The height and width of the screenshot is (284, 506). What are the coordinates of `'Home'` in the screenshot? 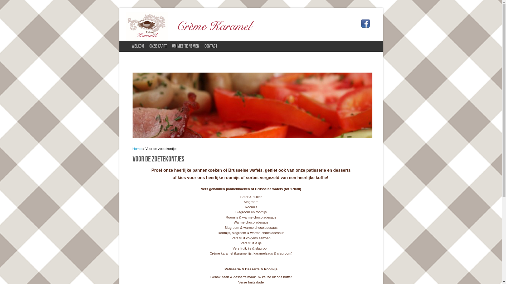 It's located at (132, 149).